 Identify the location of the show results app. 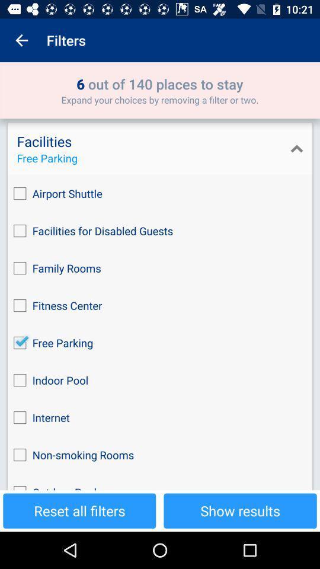
(240, 510).